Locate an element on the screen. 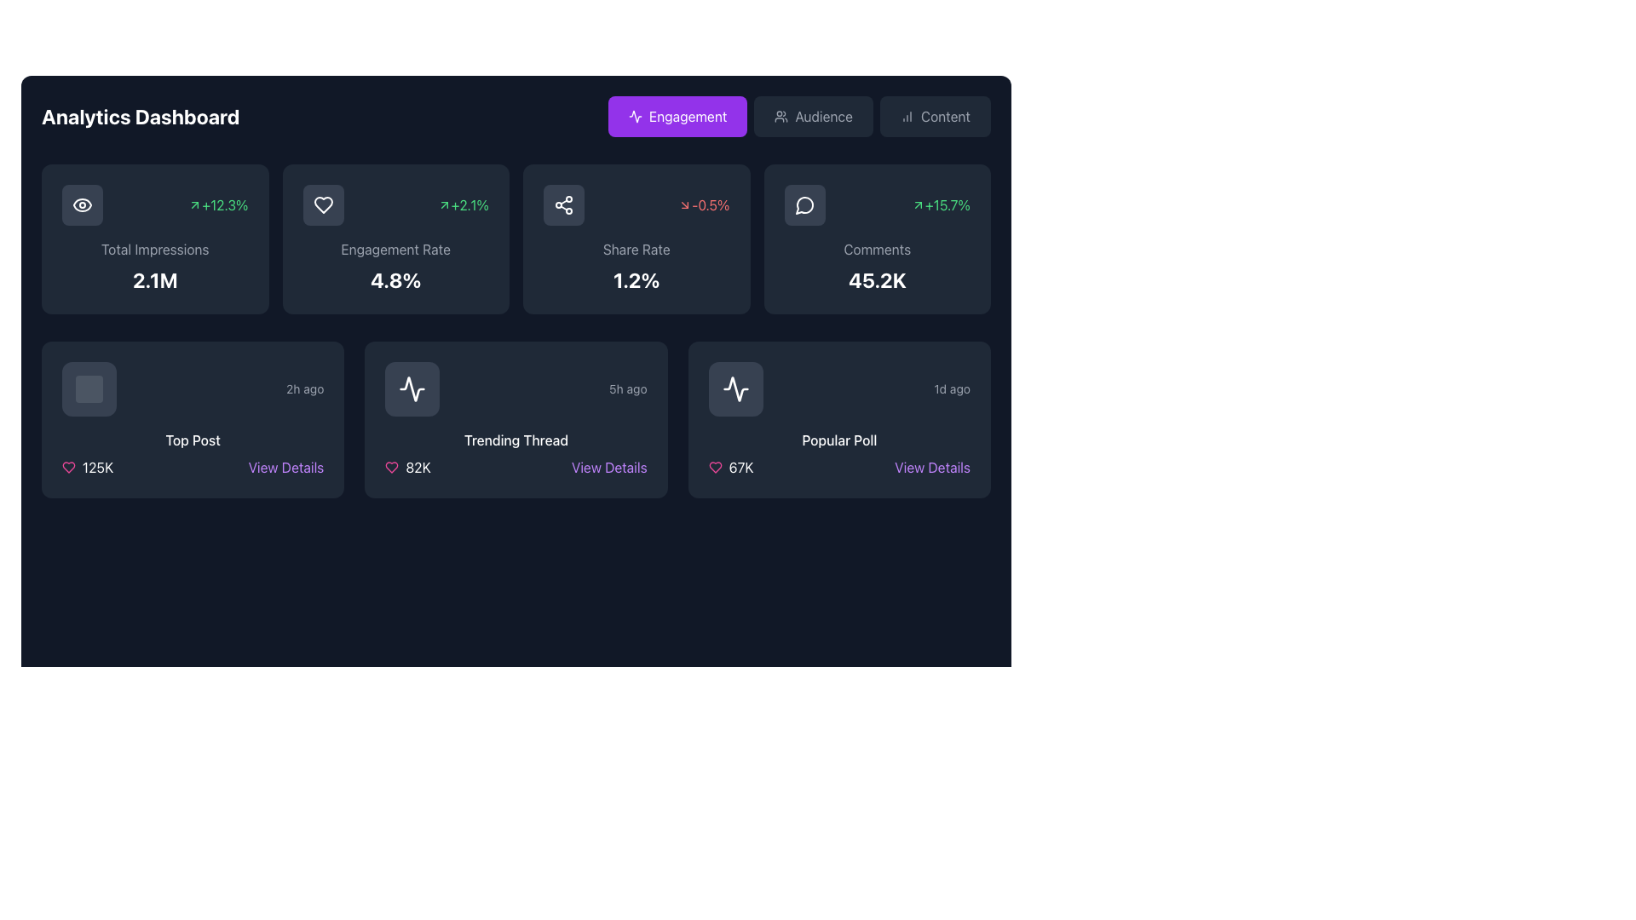  the button located in the 'Trending Thread' section, adjacent to an '82K' text and a heart icon is located at coordinates (609, 467).